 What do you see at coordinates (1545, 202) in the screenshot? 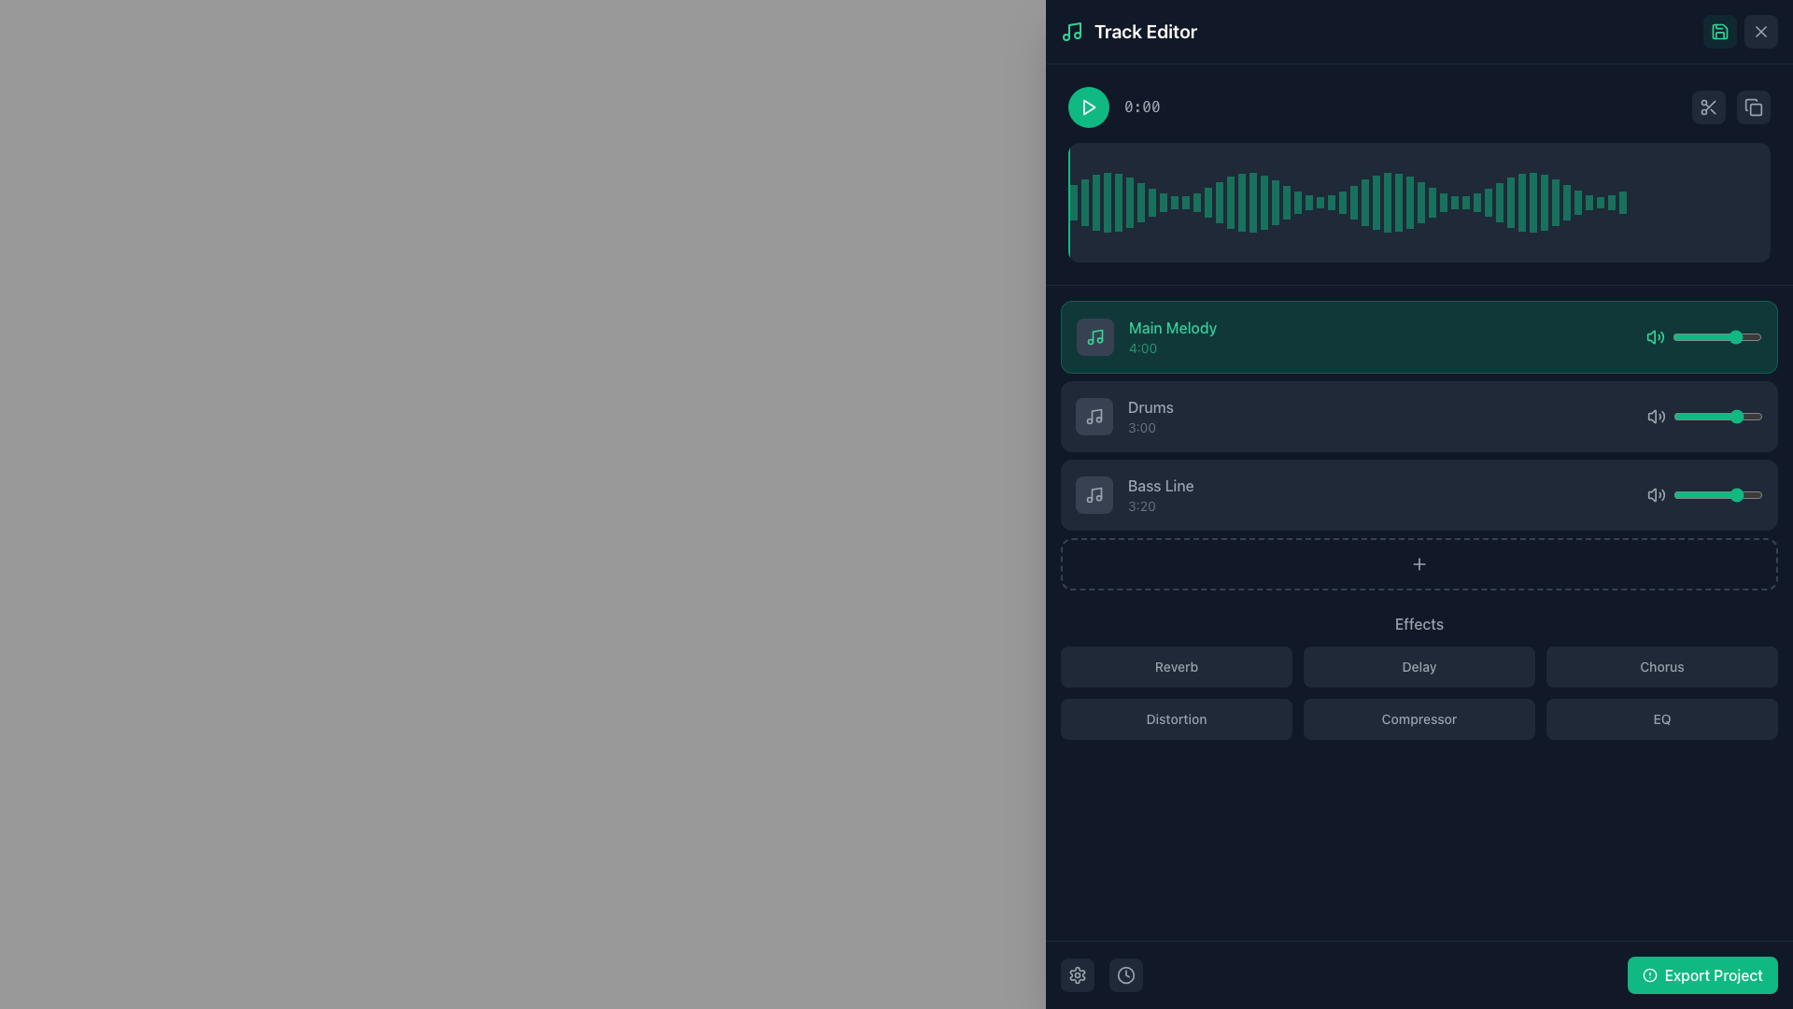
I see `to select the Waveform Bar at index 41, which visually represents a section of the audio's amplitude in the waveform` at bounding box center [1545, 202].